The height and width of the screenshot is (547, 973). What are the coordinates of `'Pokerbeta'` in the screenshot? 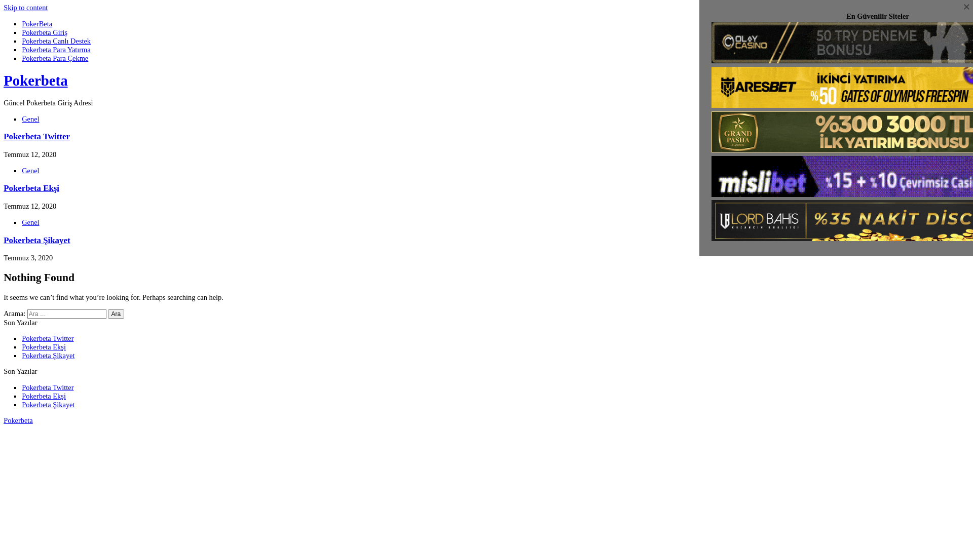 It's located at (4, 466).